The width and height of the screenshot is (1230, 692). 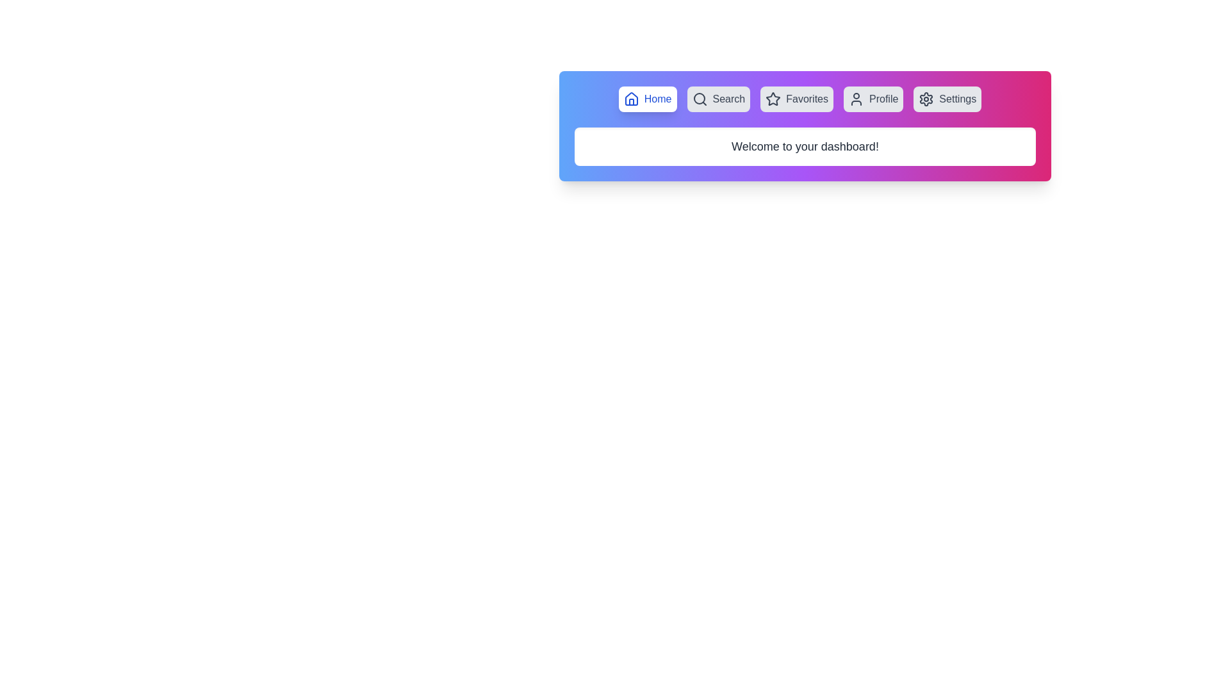 What do you see at coordinates (873, 98) in the screenshot?
I see `the fourth button in the navigation bar, located between the 'Favorites' and 'Settings' buttons, to observe any hover effects` at bounding box center [873, 98].